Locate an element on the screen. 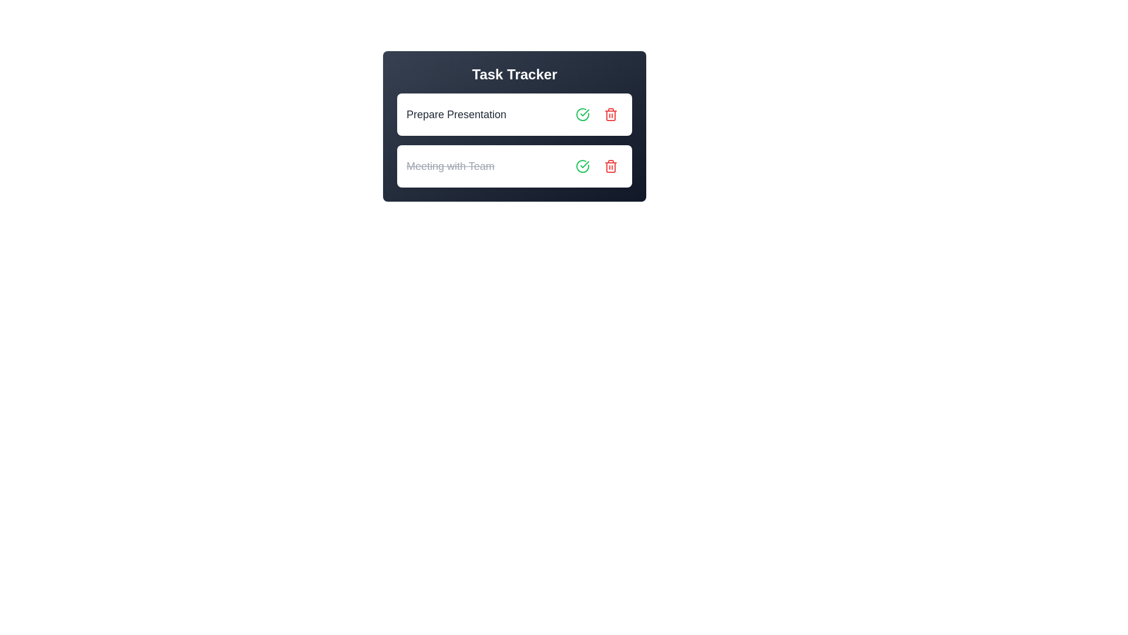 The width and height of the screenshot is (1128, 635). the check icon within the 'Meeting with Team' task item, located near the trash can icon on the right side of the task row is located at coordinates (583, 166).